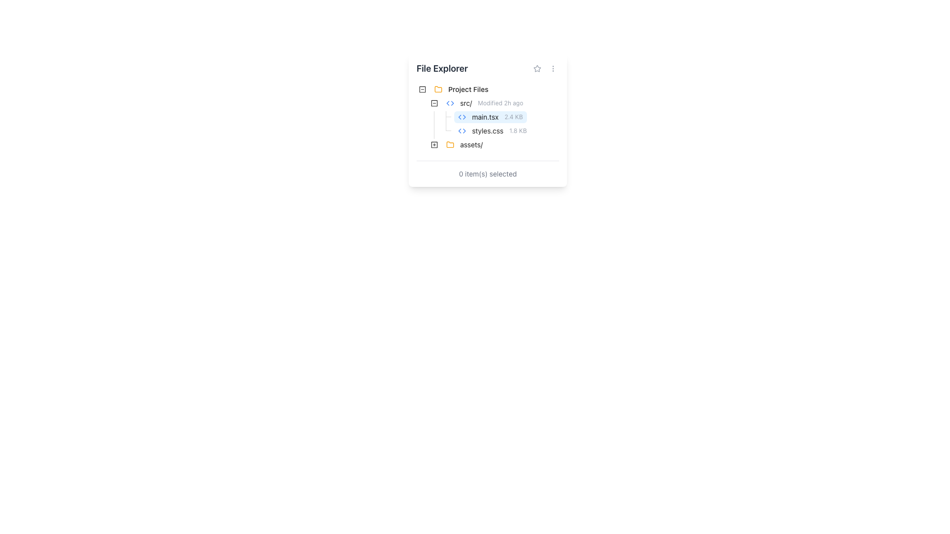  Describe the element at coordinates (485, 116) in the screenshot. I see `the Text label indicating the name of a TypeScript JSX file in the file explorer` at that location.